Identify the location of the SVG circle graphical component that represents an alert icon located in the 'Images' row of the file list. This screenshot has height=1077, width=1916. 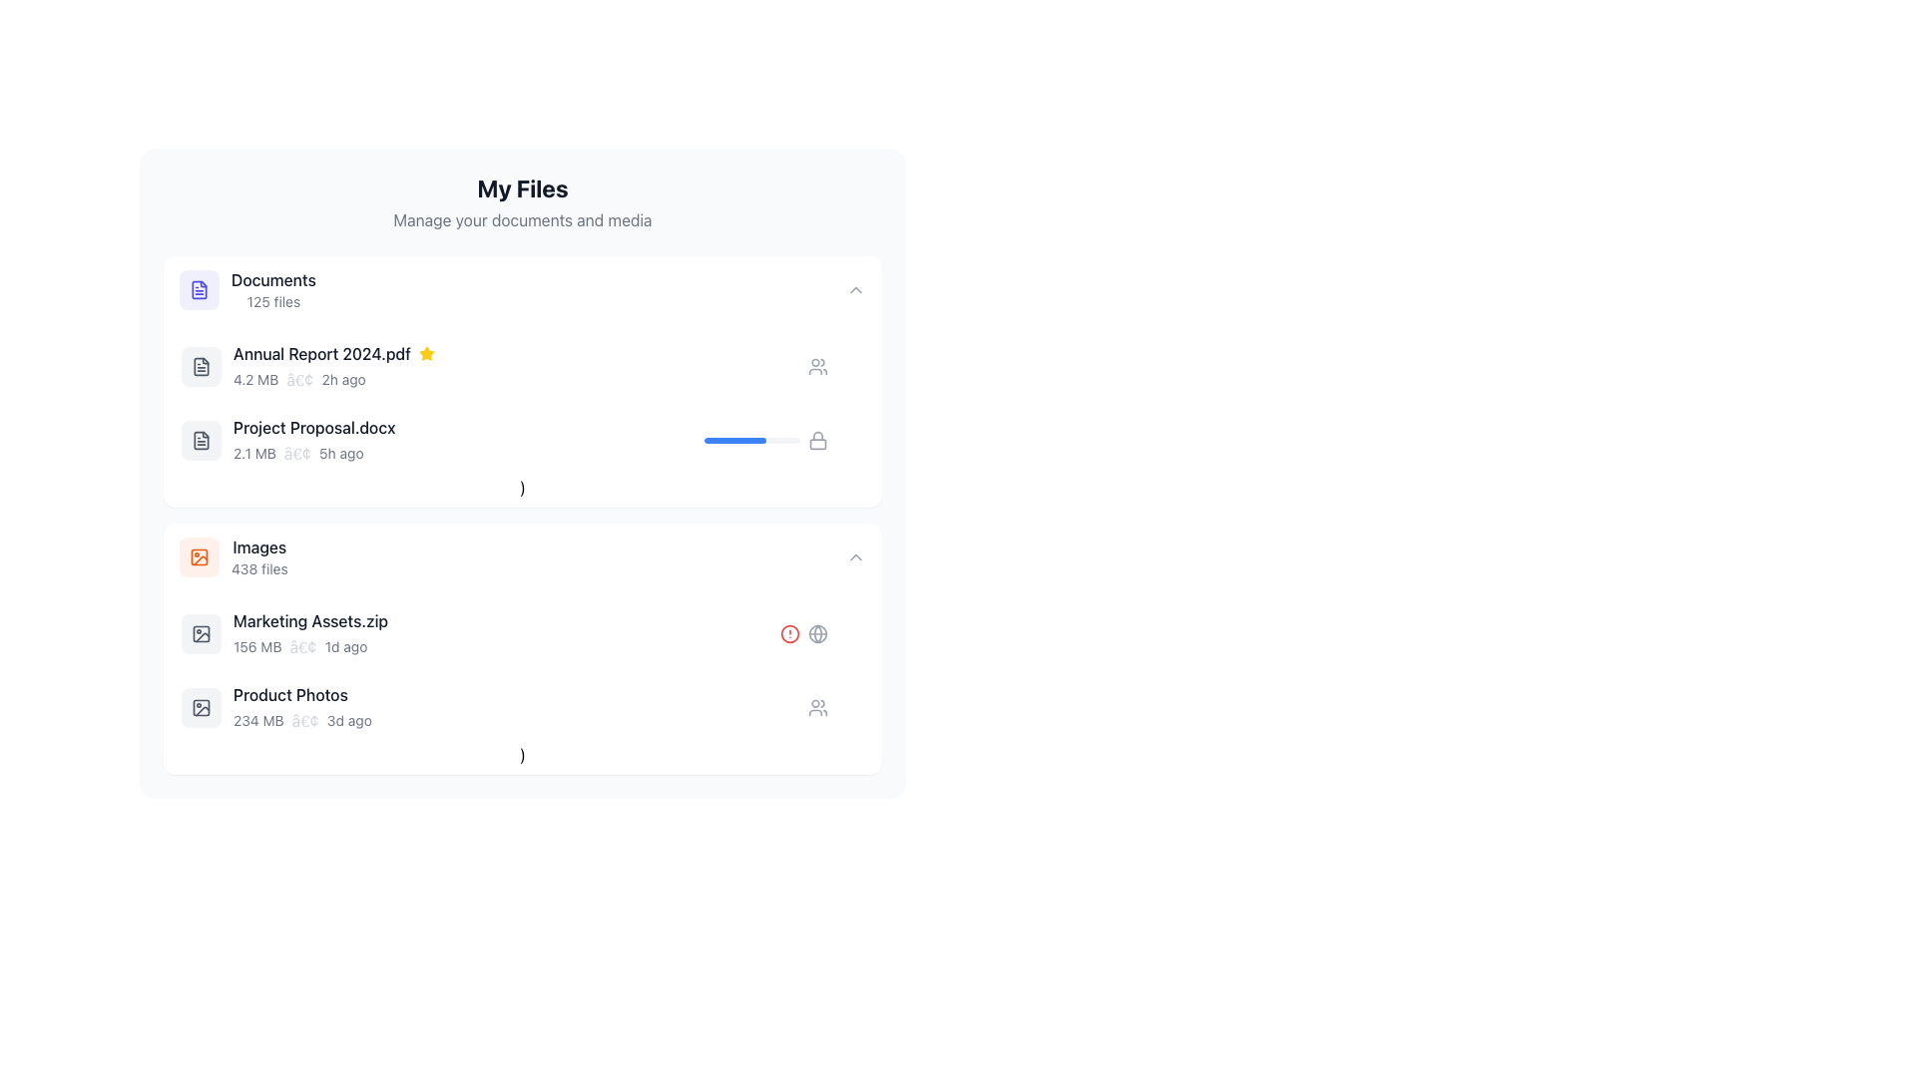
(789, 634).